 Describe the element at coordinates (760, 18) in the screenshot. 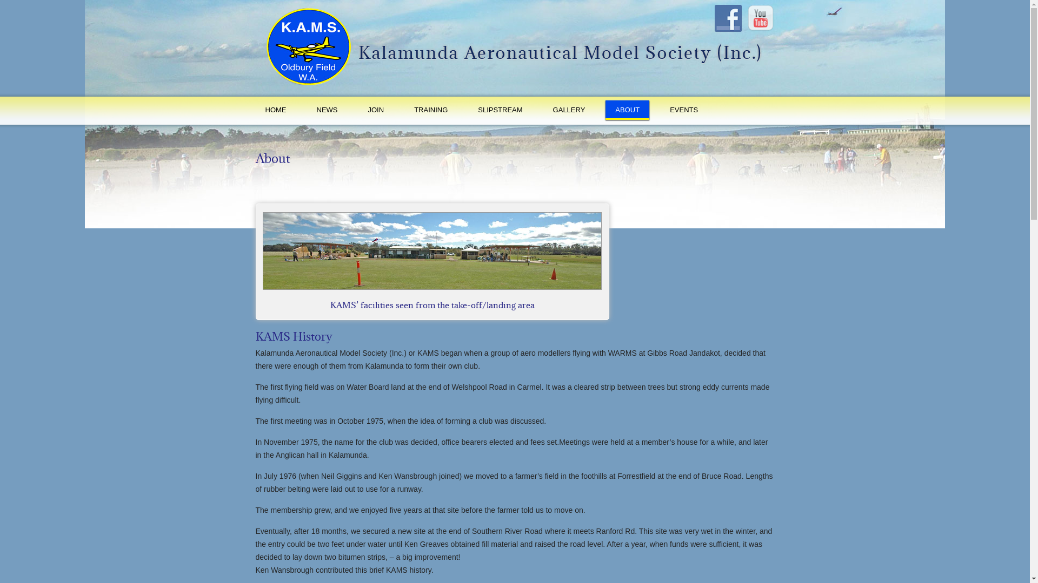

I see `'Follow Us on YouTube'` at that location.